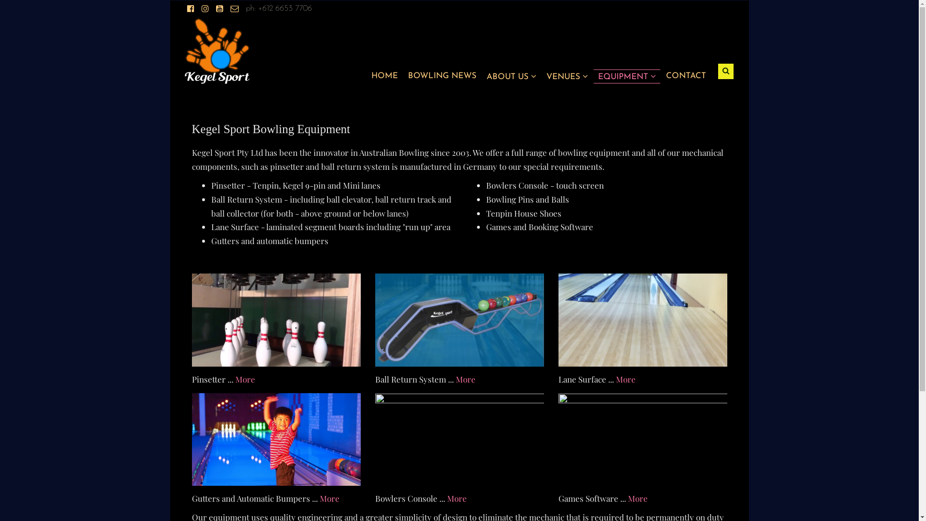  I want to click on 'Bowling Lane Surface', so click(643, 320).